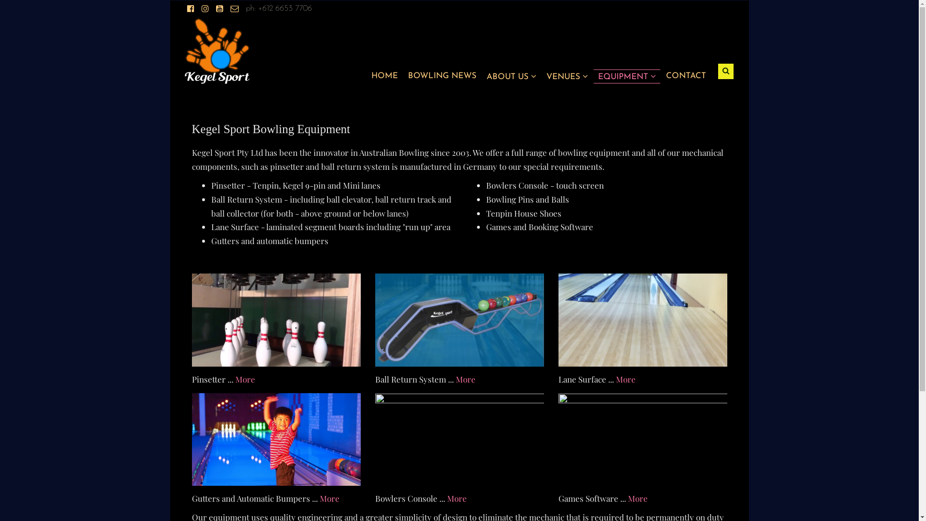  I want to click on 'Bowling Lane Surface', so click(643, 320).